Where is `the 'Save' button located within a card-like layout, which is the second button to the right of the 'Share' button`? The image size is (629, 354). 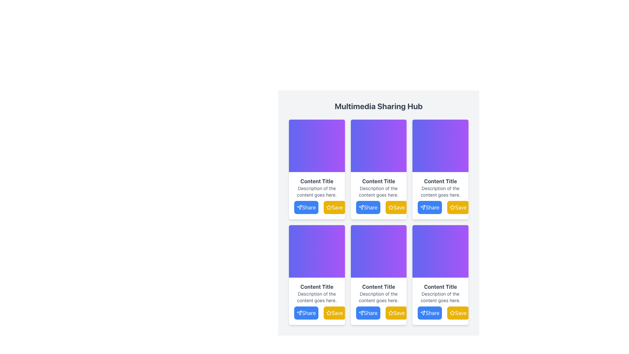
the 'Save' button located within a card-like layout, which is the second button to the right of the 'Share' button is located at coordinates (458, 207).